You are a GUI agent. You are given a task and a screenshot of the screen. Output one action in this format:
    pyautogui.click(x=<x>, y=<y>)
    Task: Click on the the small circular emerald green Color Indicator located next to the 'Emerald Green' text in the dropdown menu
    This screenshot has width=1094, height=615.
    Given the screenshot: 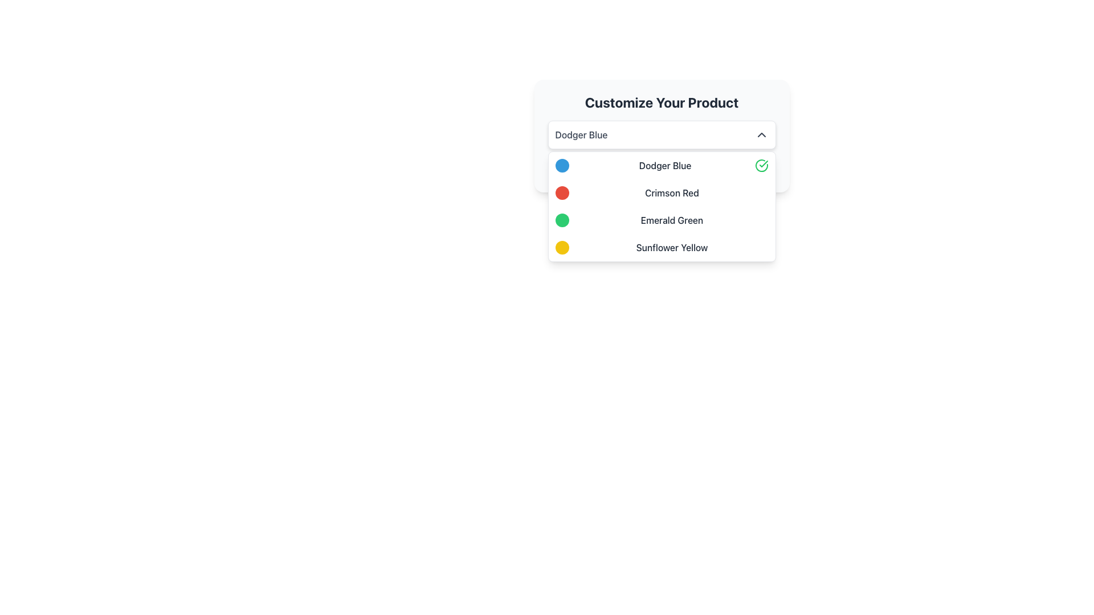 What is the action you would take?
    pyautogui.click(x=562, y=220)
    